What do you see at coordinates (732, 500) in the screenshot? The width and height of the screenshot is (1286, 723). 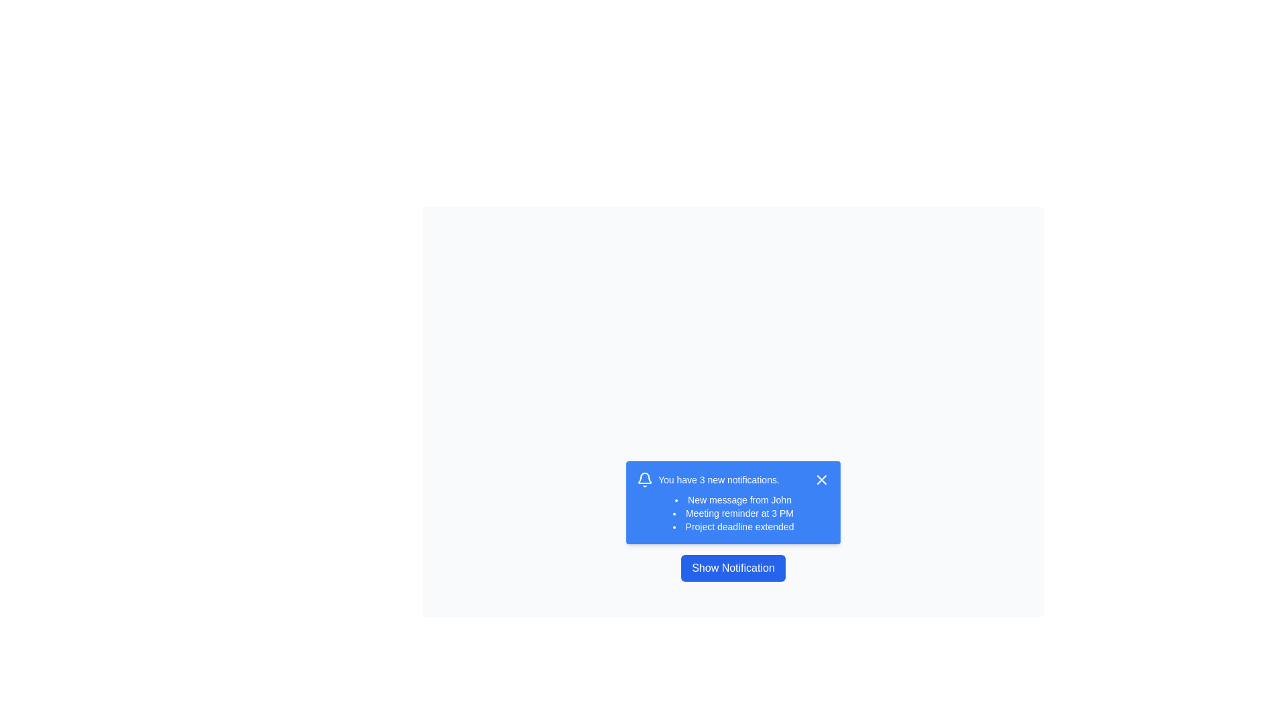 I see `the first notification message from 'John' in the blue rectangular notification box located near the bottom of the notification area` at bounding box center [732, 500].